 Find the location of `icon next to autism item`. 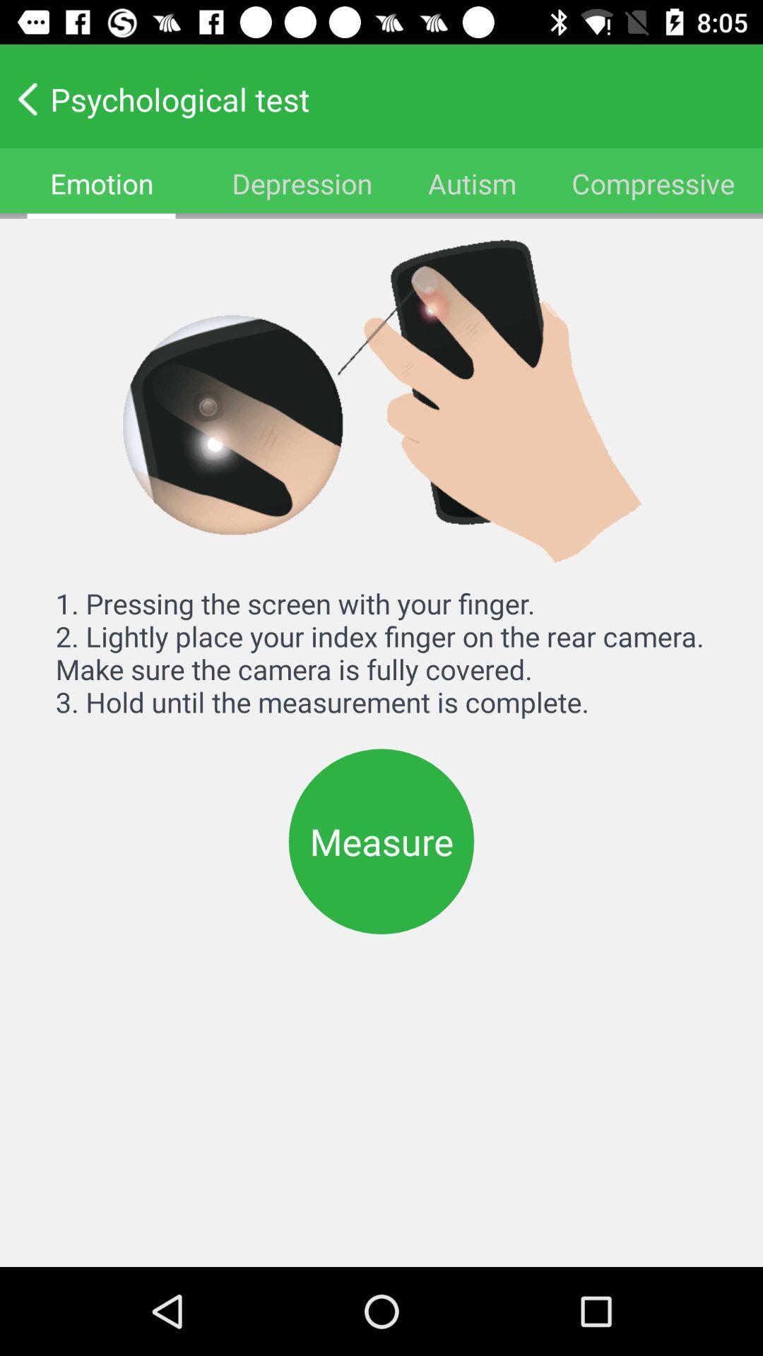

icon next to autism item is located at coordinates (653, 182).